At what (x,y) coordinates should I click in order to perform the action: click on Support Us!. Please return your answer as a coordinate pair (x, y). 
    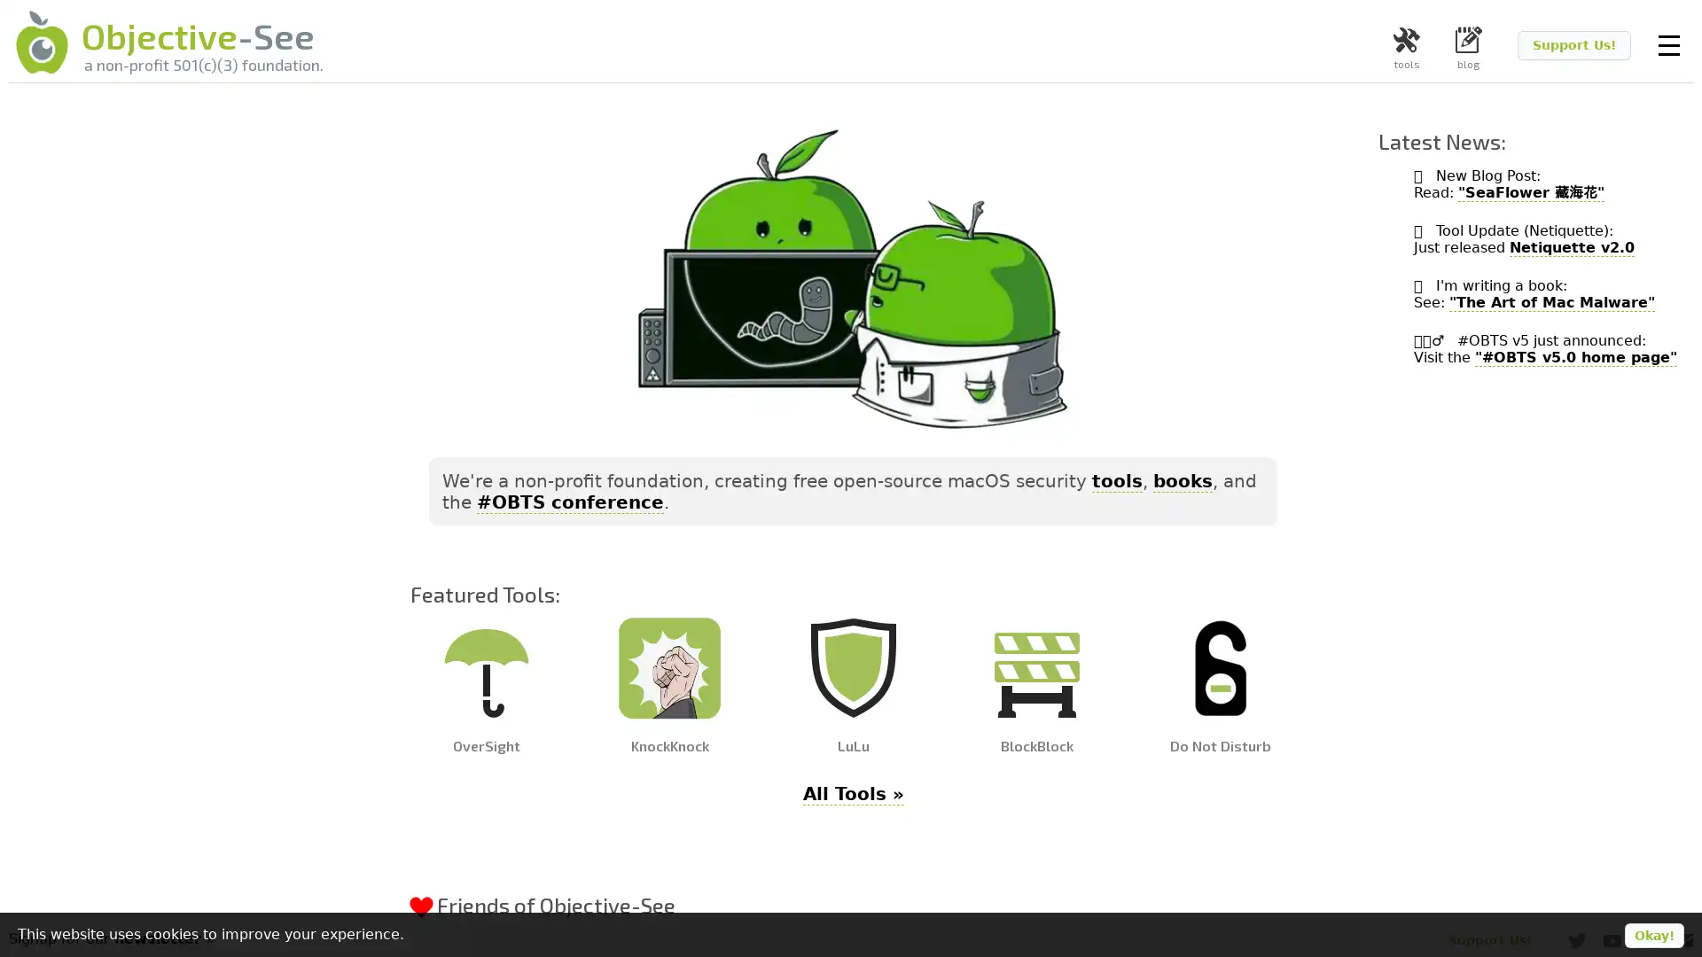
    Looking at the image, I should click on (1574, 44).